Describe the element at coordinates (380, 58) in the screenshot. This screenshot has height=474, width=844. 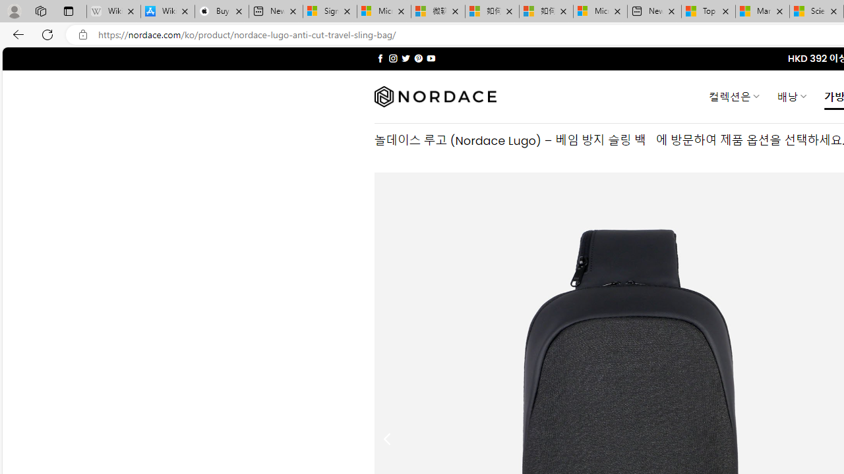
I see `'Follow on Facebook'` at that location.